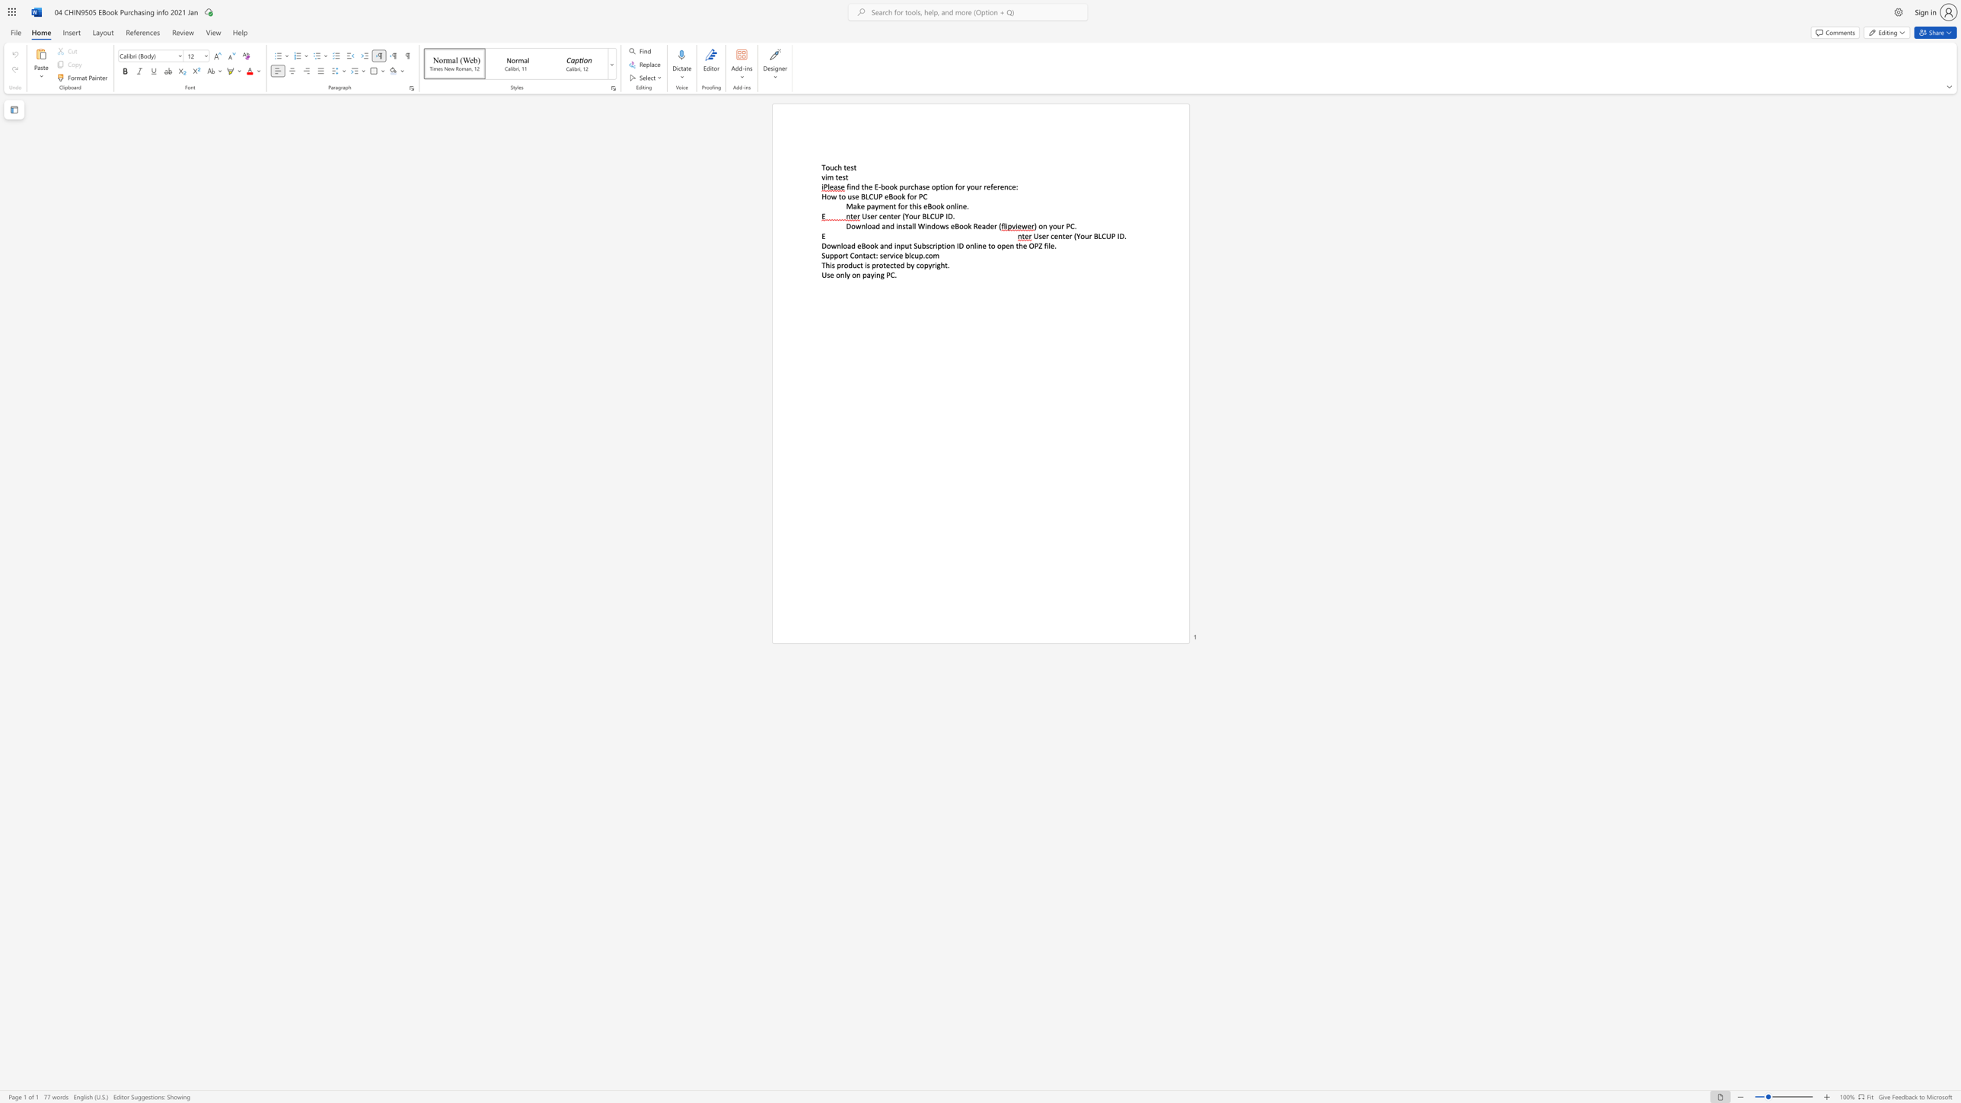 The height and width of the screenshot is (1103, 1961). I want to click on the 1th character "y" in the text, so click(848, 275).